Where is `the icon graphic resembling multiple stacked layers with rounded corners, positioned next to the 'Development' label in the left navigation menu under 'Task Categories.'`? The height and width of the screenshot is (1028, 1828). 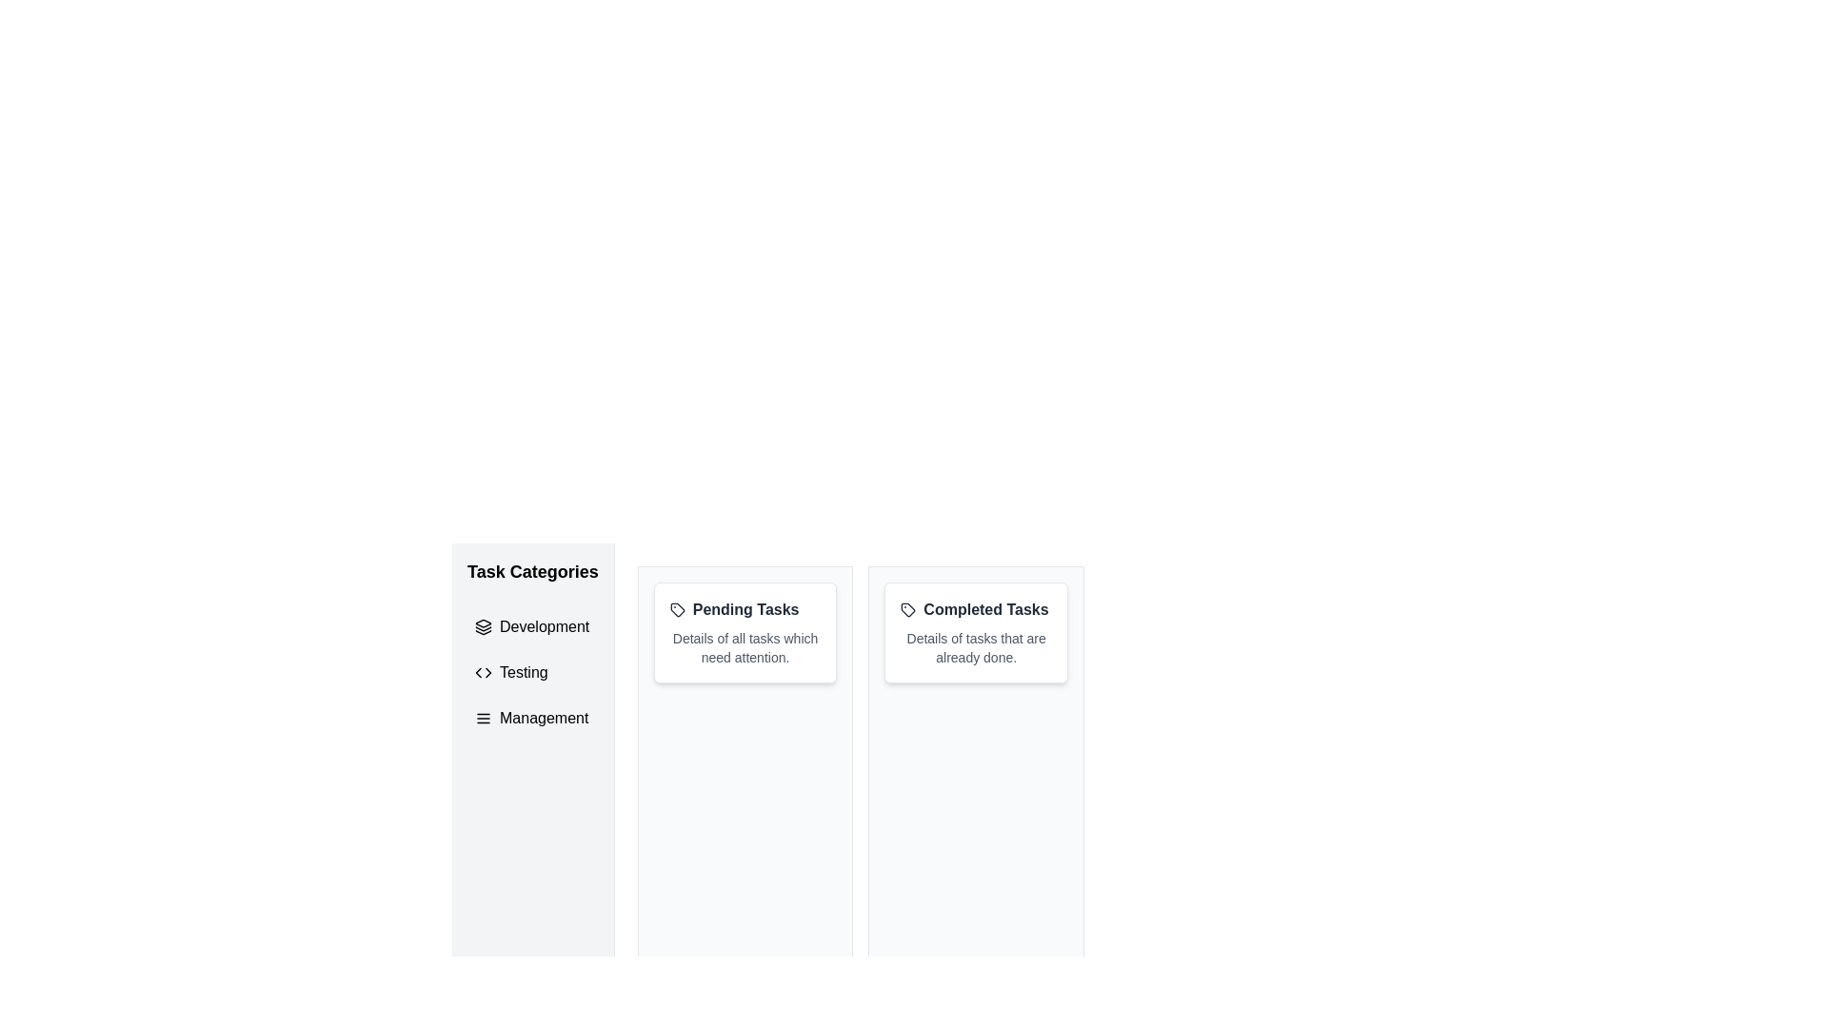 the icon graphic resembling multiple stacked layers with rounded corners, positioned next to the 'Development' label in the left navigation menu under 'Task Categories.' is located at coordinates (484, 627).